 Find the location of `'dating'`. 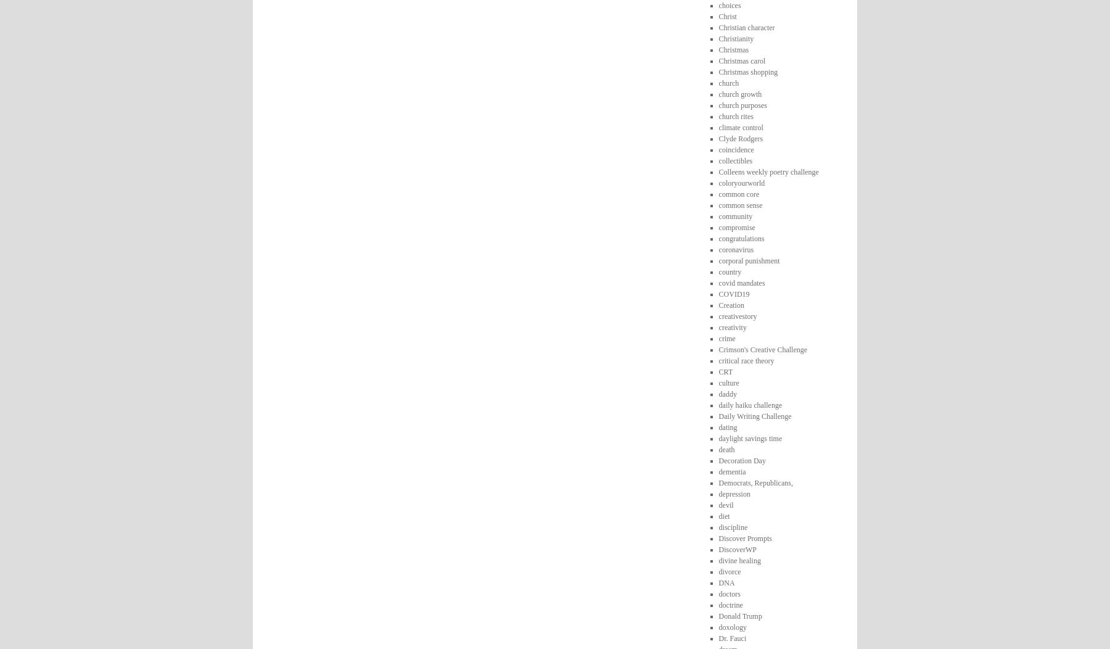

'dating' is located at coordinates (727, 426).